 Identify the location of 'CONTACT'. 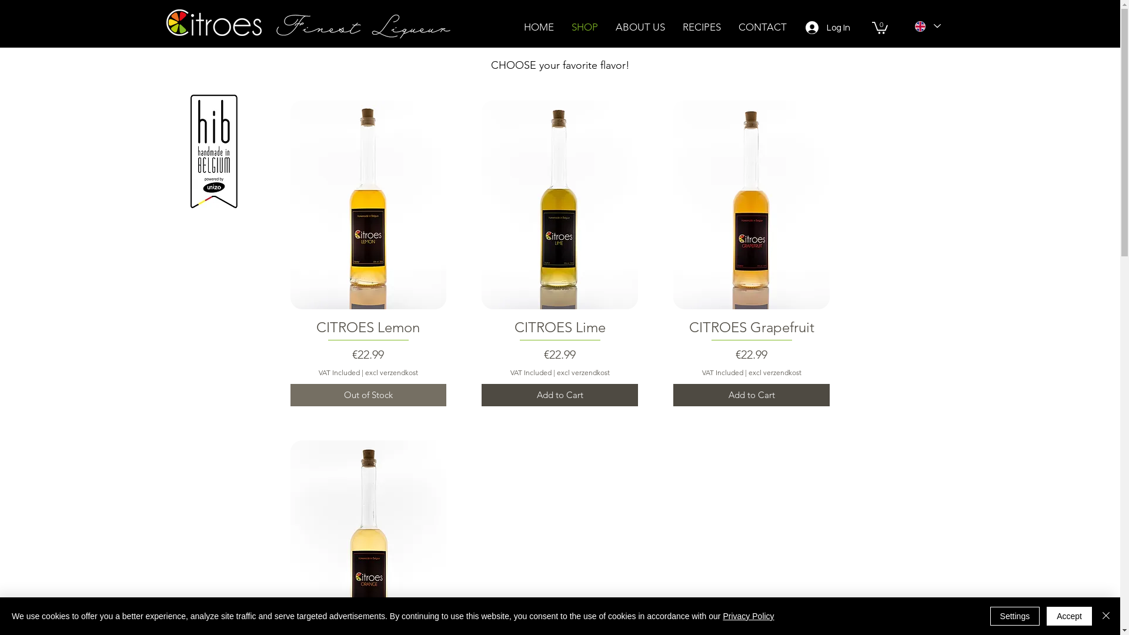
(762, 26).